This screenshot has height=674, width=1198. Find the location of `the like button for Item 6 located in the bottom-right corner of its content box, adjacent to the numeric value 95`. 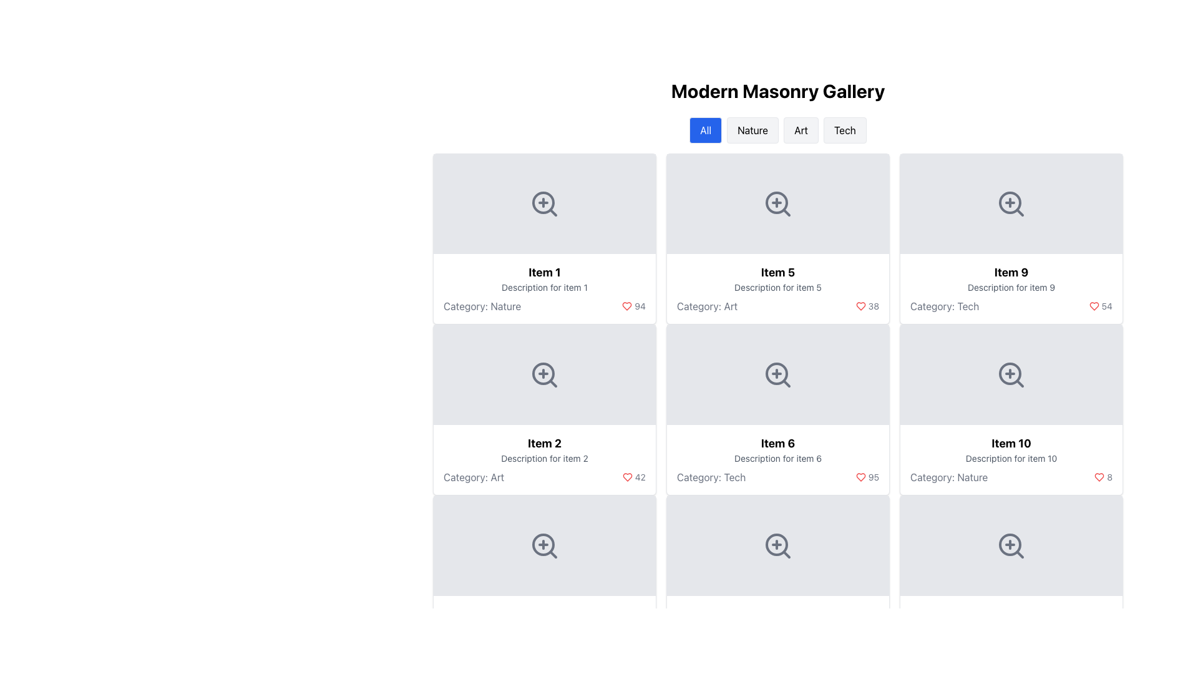

the like button for Item 6 located in the bottom-right corner of its content box, adjacent to the numeric value 95 is located at coordinates (627, 477).